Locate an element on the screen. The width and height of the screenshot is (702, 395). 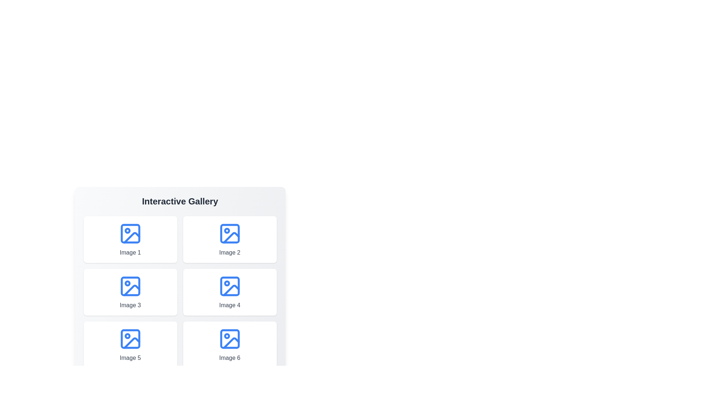
the image titled 'Image 2' to see its hover effect is located at coordinates (229, 240).